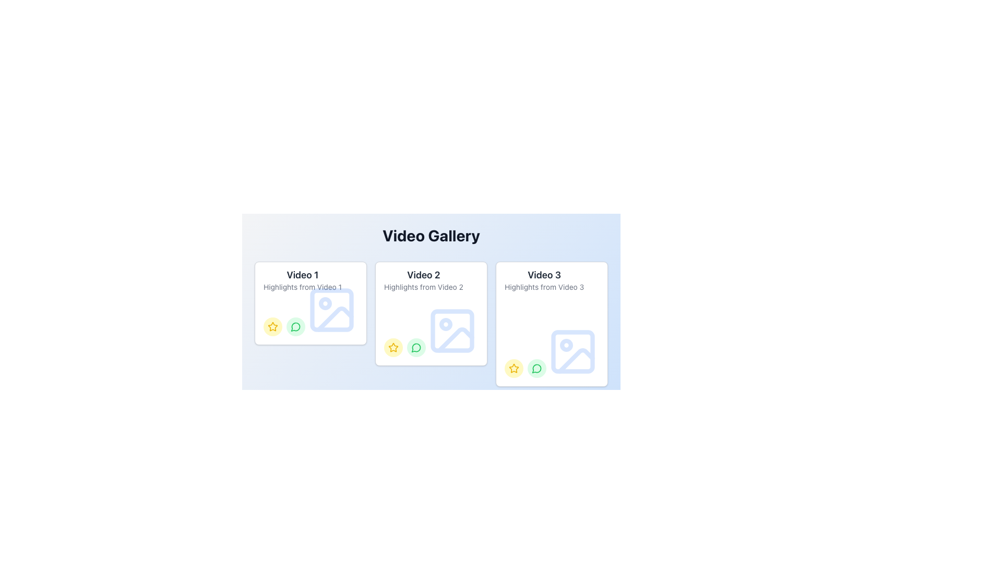  What do you see at coordinates (536, 368) in the screenshot?
I see `the button for commenting associated with 'Video 3'` at bounding box center [536, 368].